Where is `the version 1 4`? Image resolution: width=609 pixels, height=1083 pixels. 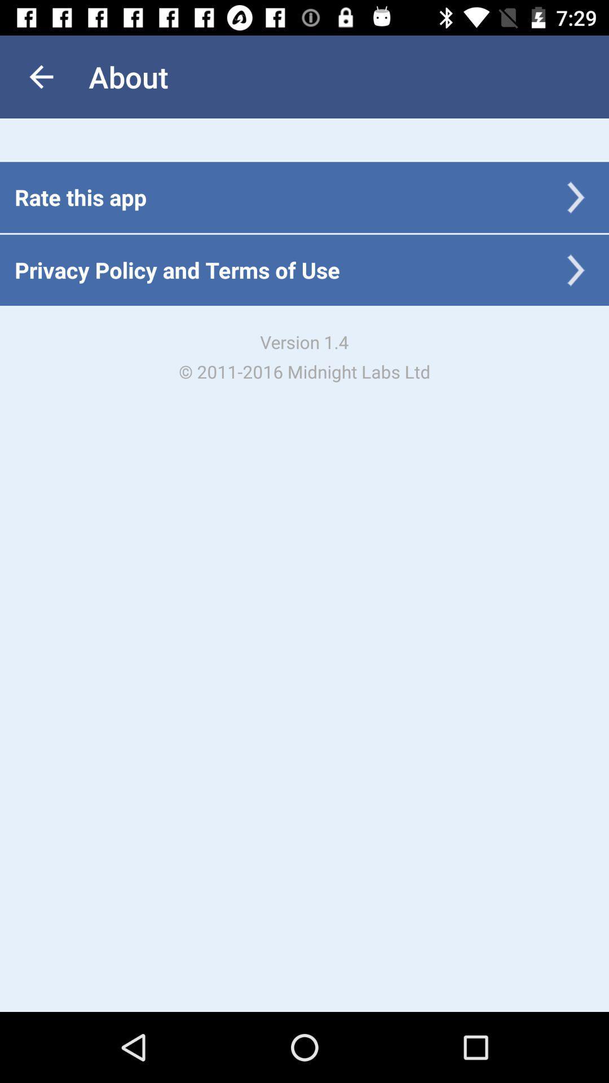 the version 1 4 is located at coordinates (304, 356).